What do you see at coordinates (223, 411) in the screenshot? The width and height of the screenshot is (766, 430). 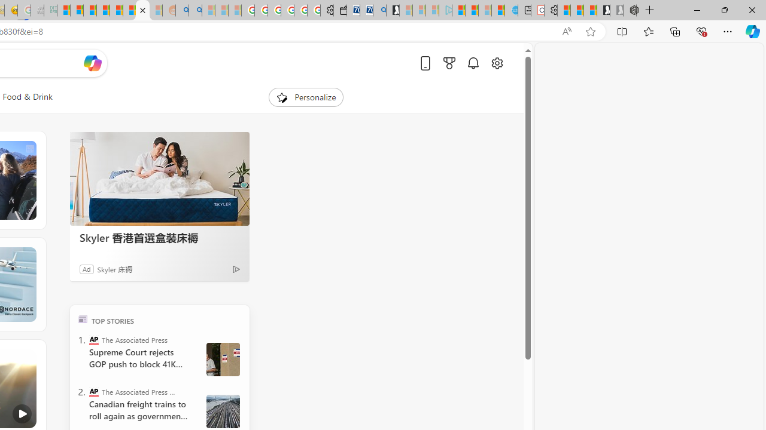 I see `' Canada Railroads Unions'` at bounding box center [223, 411].